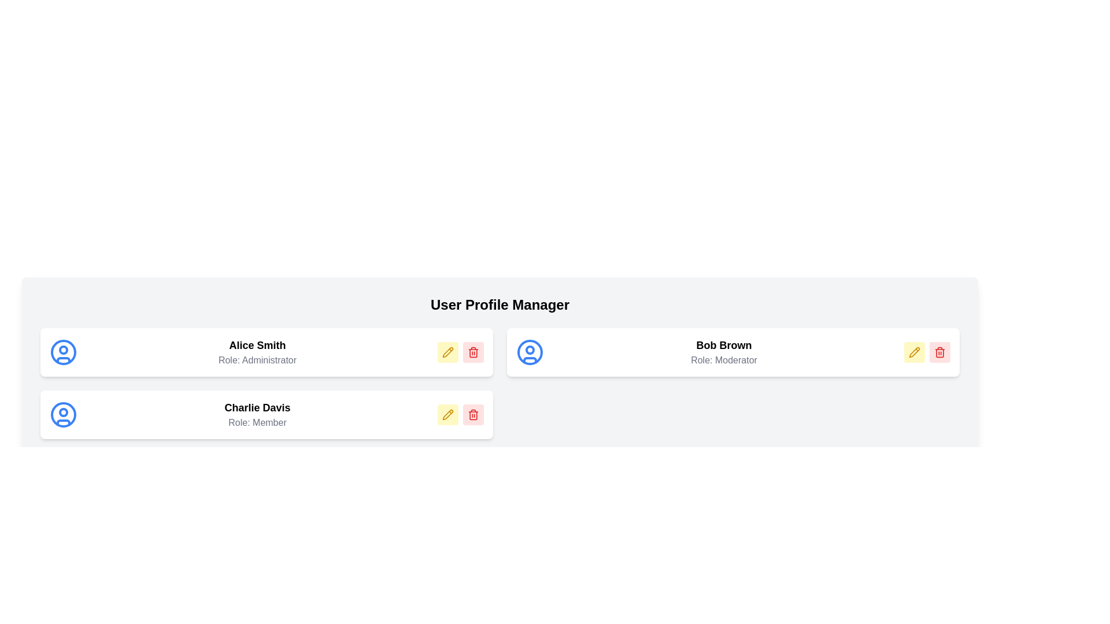 The image size is (1110, 624). Describe the element at coordinates (63, 414) in the screenshot. I see `the outermost circular component of the user icon representing Charlie Davis's profile, which is styled in blue and serves as the boundary of the avatar` at that location.